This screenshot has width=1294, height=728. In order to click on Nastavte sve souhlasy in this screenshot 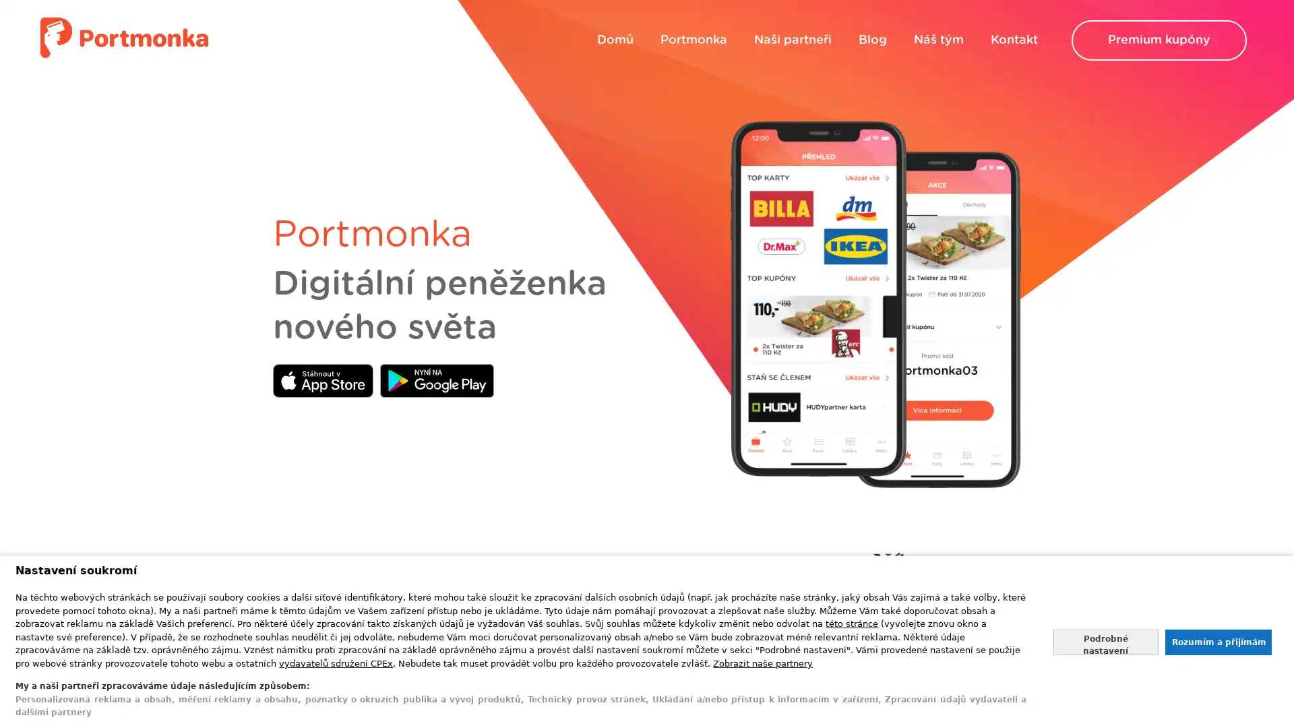, I will do `click(1105, 641)`.